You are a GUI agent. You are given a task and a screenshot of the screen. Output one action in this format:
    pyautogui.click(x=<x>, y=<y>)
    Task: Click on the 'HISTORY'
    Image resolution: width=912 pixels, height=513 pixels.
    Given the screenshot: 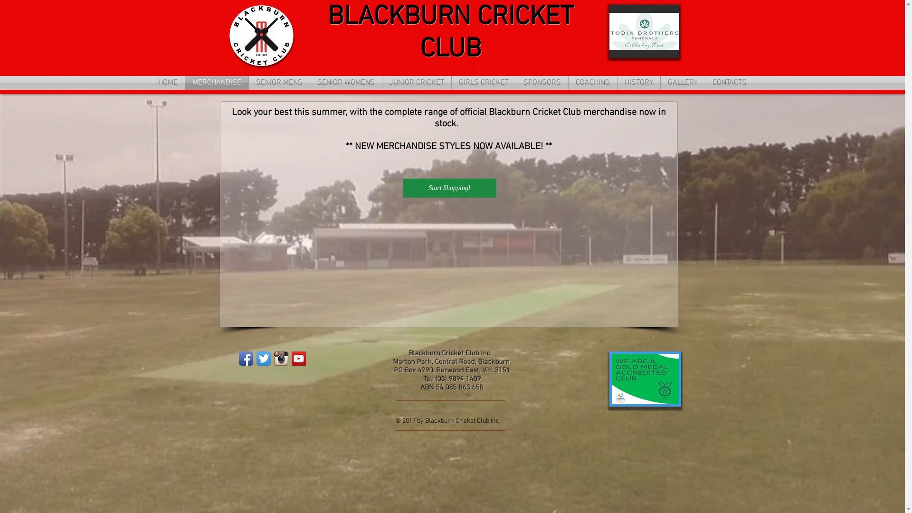 What is the action you would take?
    pyautogui.click(x=638, y=82)
    